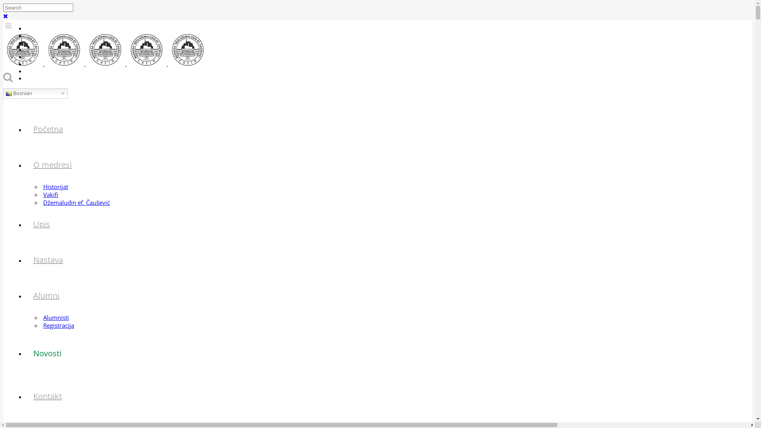 The width and height of the screenshot is (761, 428). Describe the element at coordinates (58, 325) in the screenshot. I see `'Registracija'` at that location.